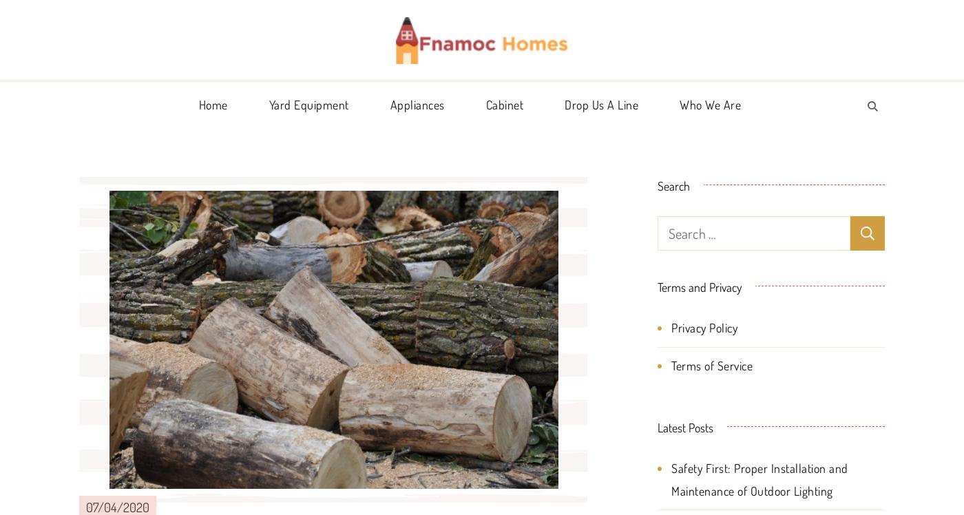  What do you see at coordinates (699, 286) in the screenshot?
I see `'Terms and Privacy'` at bounding box center [699, 286].